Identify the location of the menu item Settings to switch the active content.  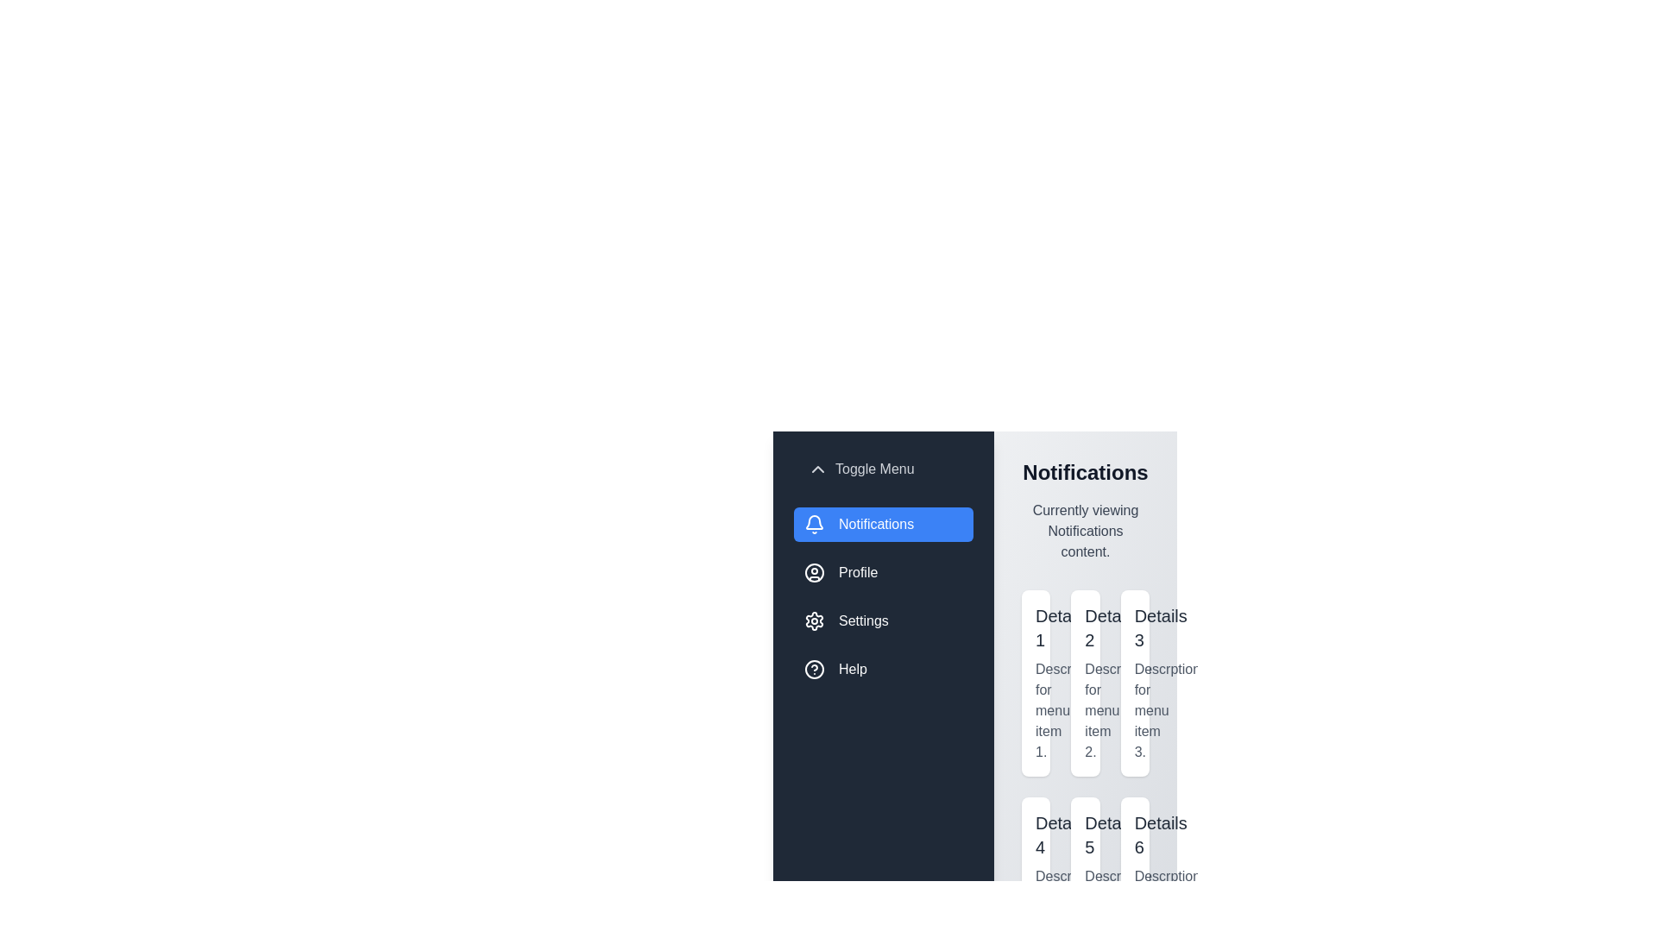
(883, 621).